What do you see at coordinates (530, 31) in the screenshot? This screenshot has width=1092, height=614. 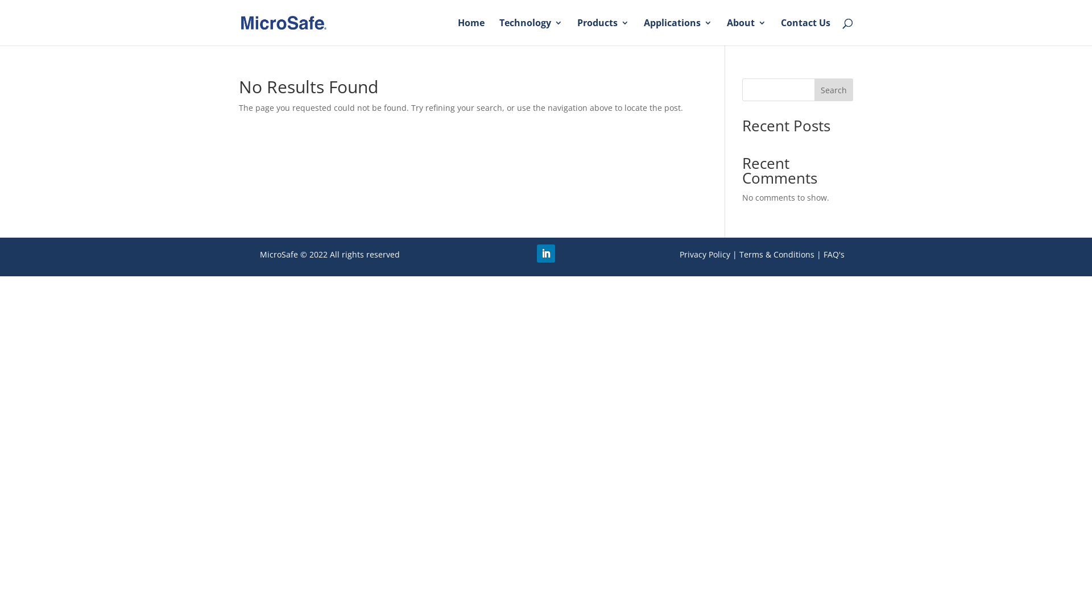 I see `'Technology'` at bounding box center [530, 31].